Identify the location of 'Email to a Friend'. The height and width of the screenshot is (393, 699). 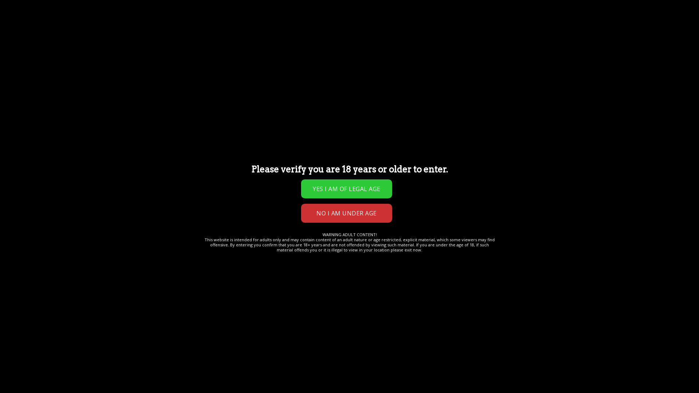
(284, 195).